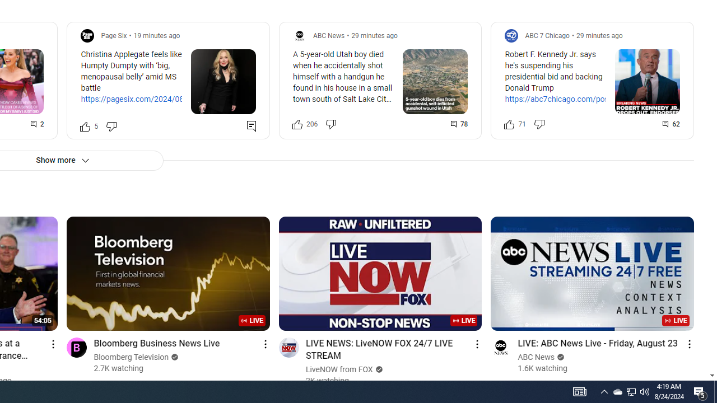 The height and width of the screenshot is (403, 717). I want to click on 'Like this post along with 206 other people', so click(297, 124).